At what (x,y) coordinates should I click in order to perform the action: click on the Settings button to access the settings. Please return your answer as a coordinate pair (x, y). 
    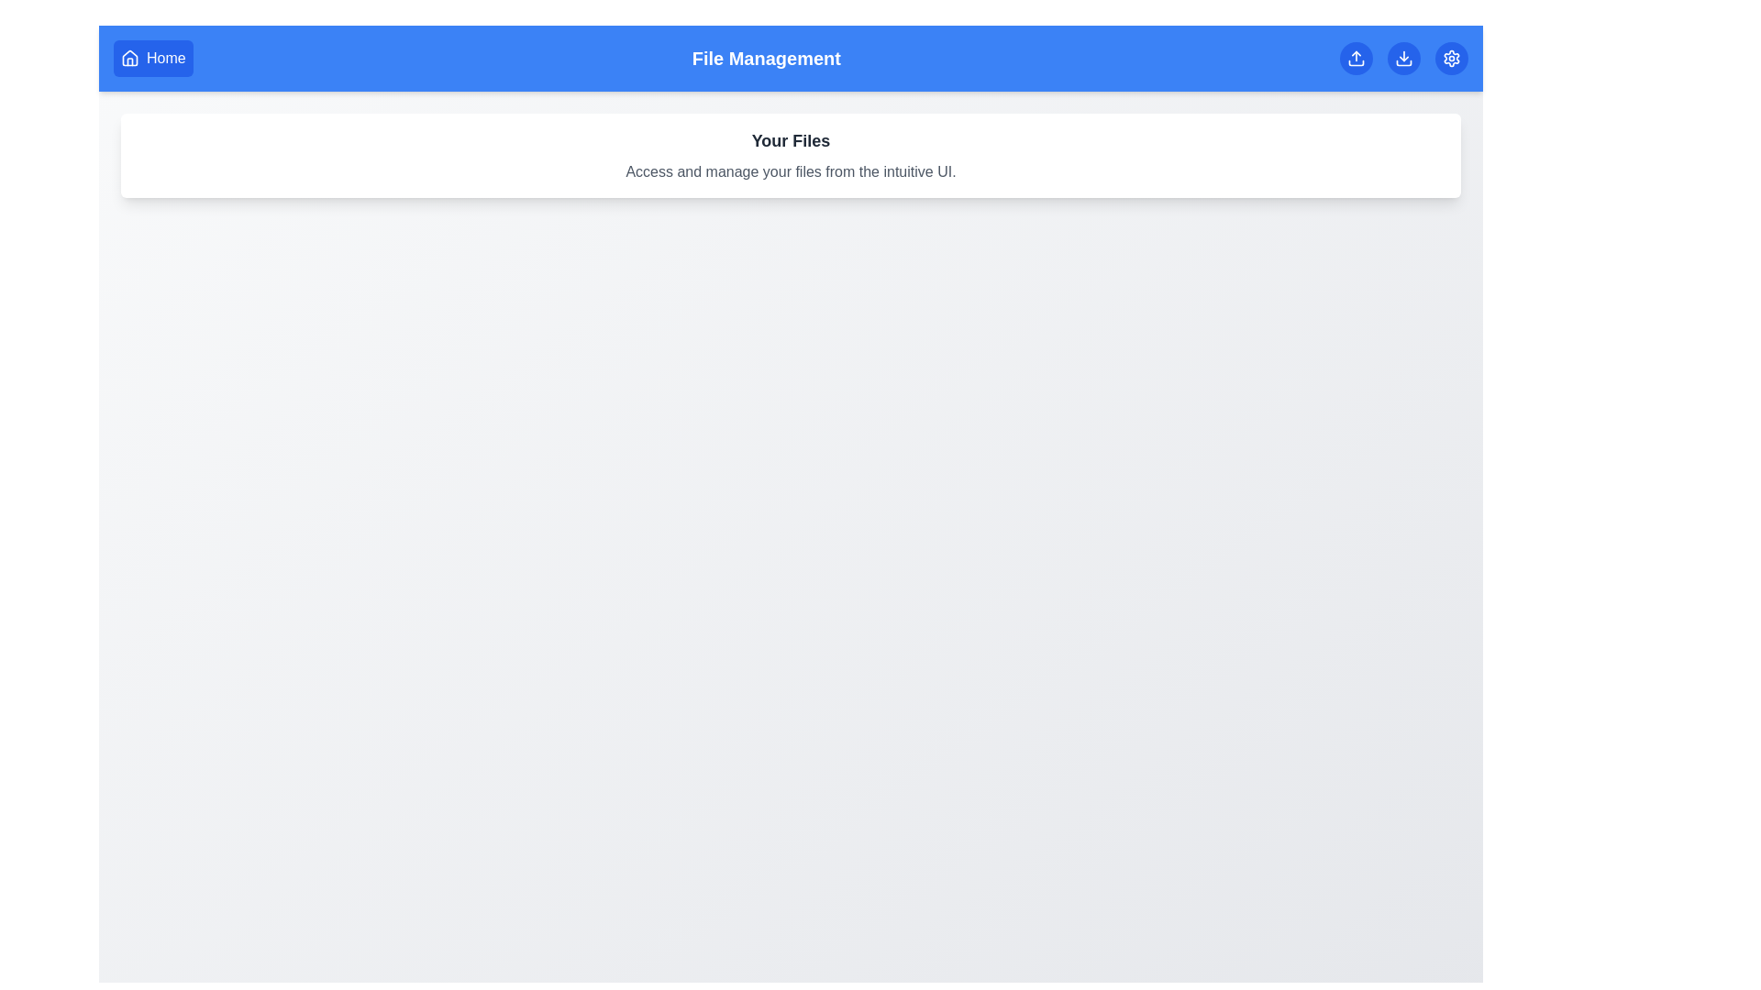
    Looking at the image, I should click on (1451, 58).